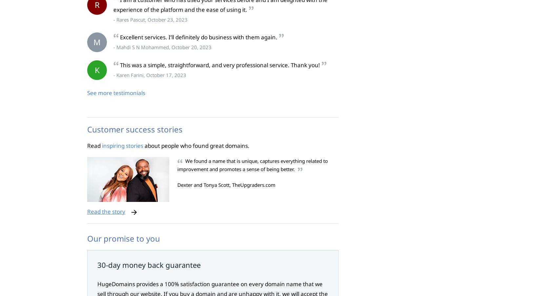  Describe the element at coordinates (199, 37) in the screenshot. I see `'Excellent services. I’ll definitely do business with them again.'` at that location.